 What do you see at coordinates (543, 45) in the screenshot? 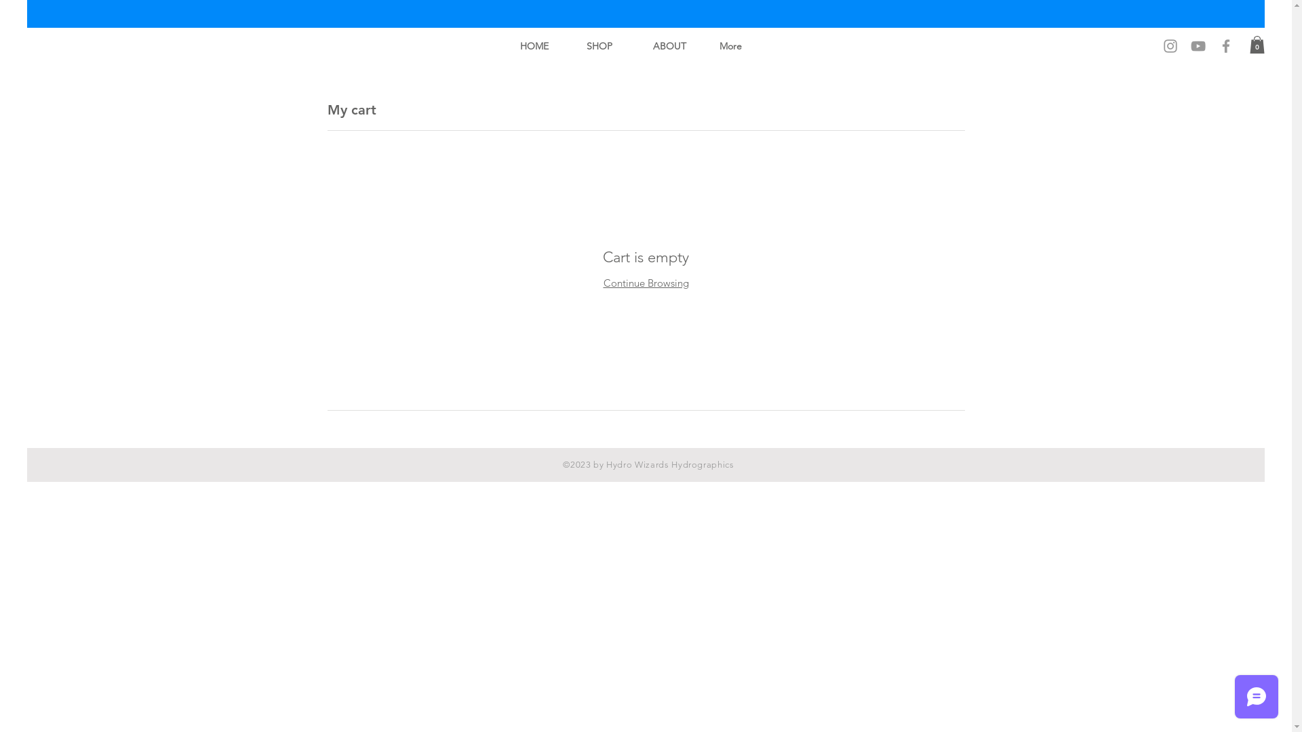
I see `'HOME'` at bounding box center [543, 45].